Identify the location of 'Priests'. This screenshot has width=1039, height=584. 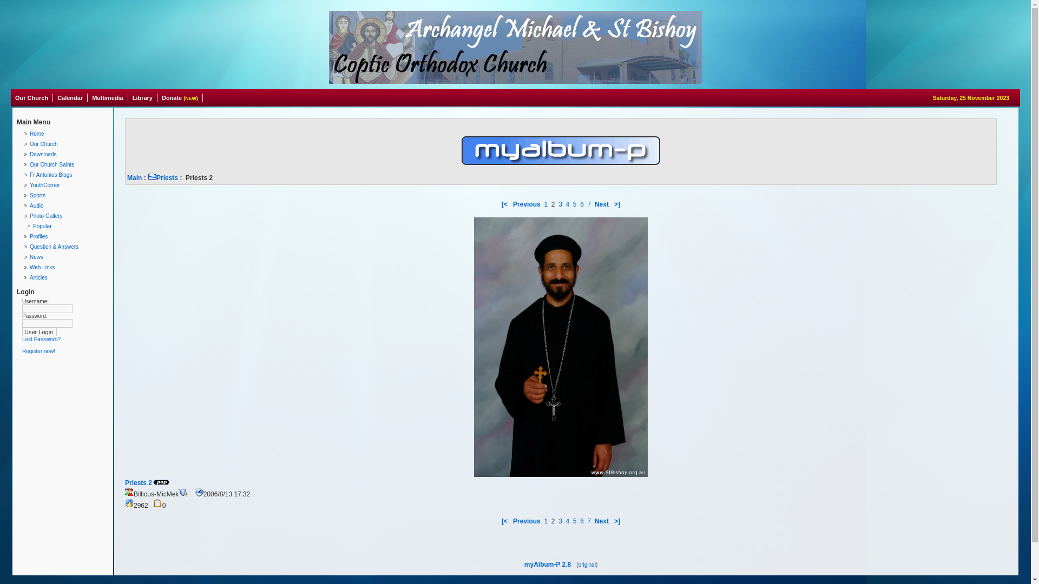
(162, 177).